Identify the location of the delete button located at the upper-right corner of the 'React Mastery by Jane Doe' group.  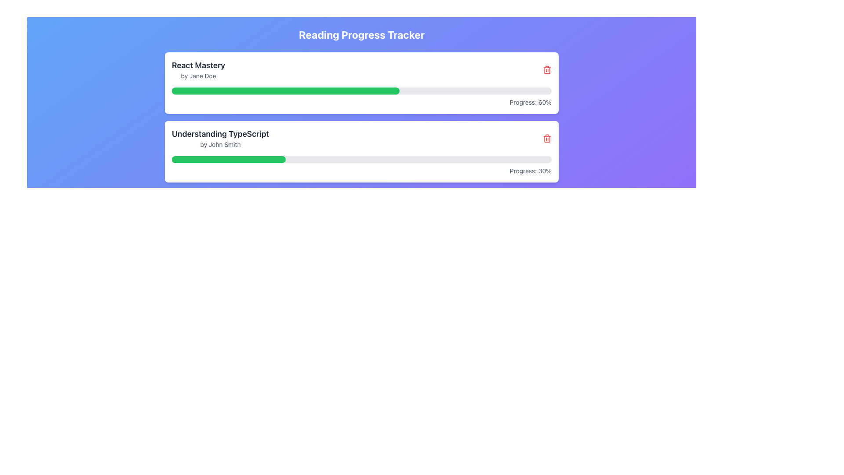
(546, 69).